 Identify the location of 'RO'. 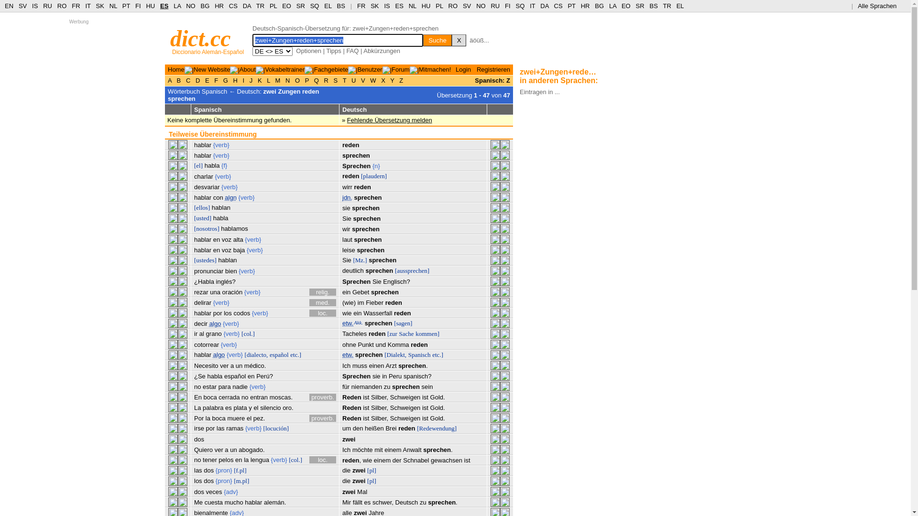
(448, 6).